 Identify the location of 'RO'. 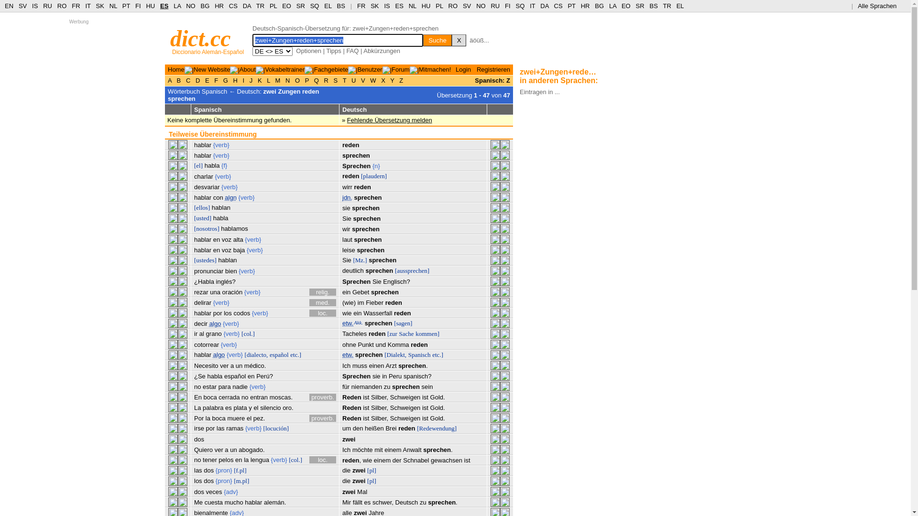
(448, 6).